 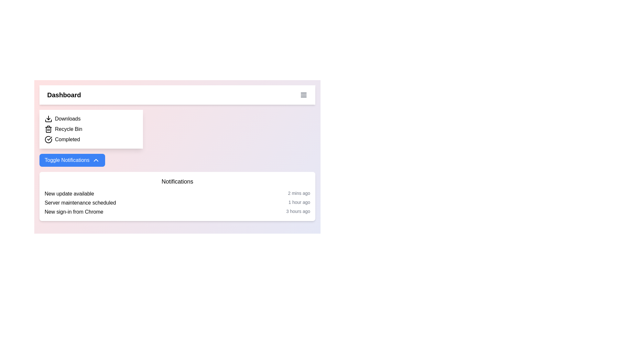 I want to click on the upward-facing chevron icon located at the right edge of the 'Toggle Notifications' button, so click(x=95, y=160).